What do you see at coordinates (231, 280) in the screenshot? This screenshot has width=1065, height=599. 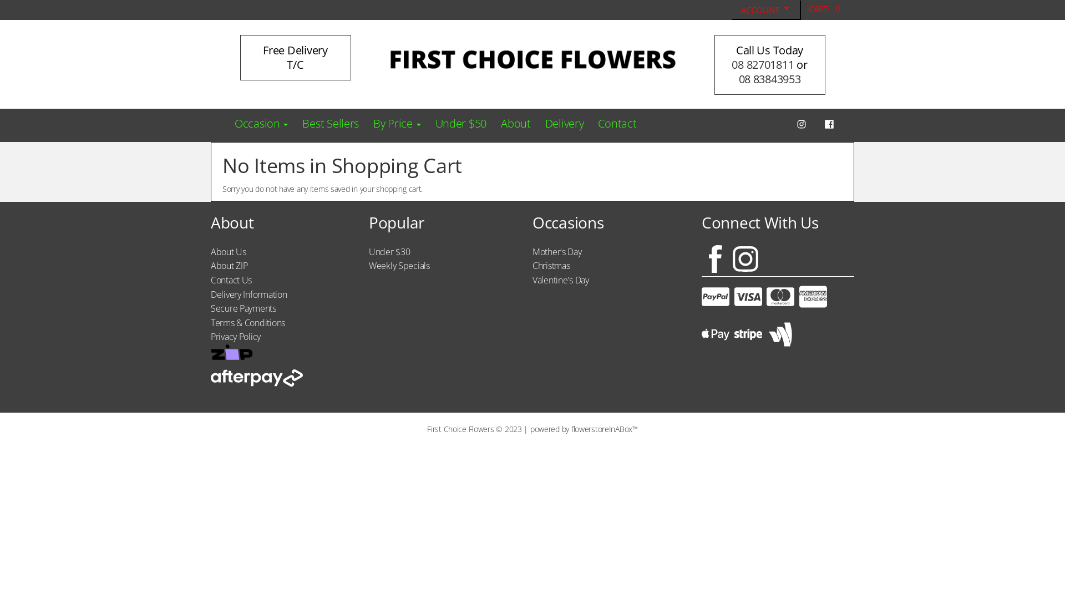 I see `'Contact Us'` at bounding box center [231, 280].